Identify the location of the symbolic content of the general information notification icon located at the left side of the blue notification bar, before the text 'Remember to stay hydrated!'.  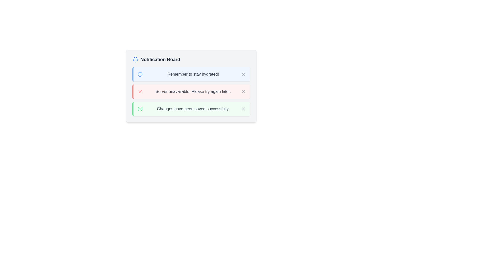
(140, 74).